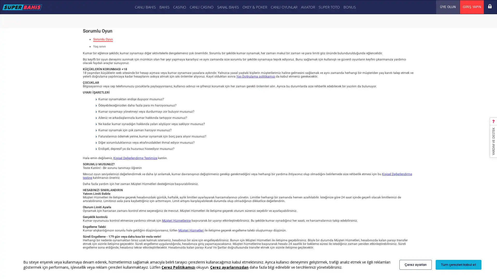 The width and height of the screenshot is (497, 279). What do you see at coordinates (458, 265) in the screenshot?
I see `Tum cerezleri kabul et` at bounding box center [458, 265].